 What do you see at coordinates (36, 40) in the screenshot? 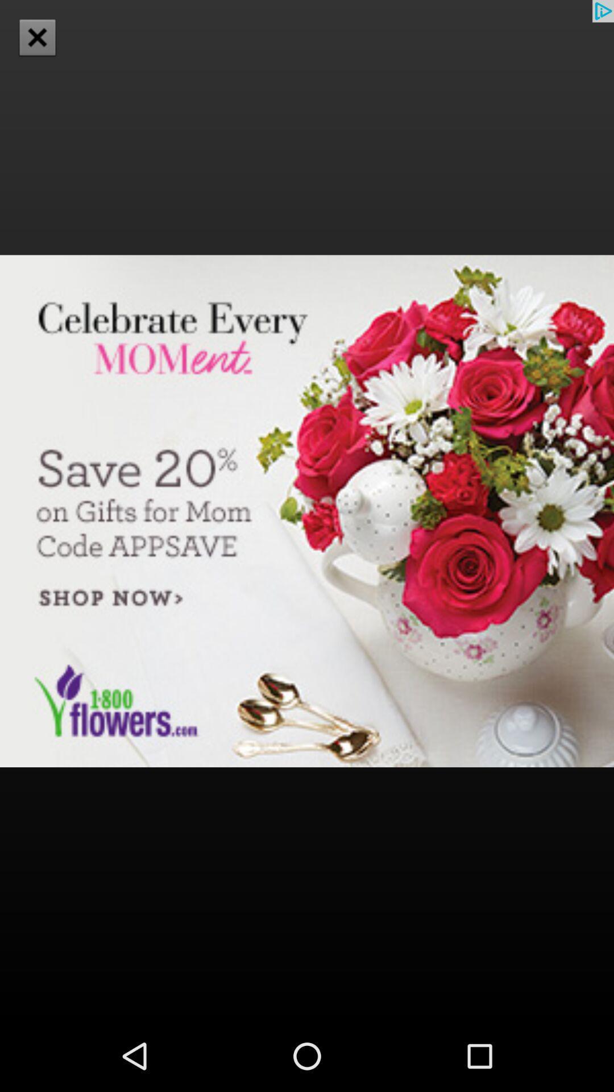
I see `the close icon` at bounding box center [36, 40].